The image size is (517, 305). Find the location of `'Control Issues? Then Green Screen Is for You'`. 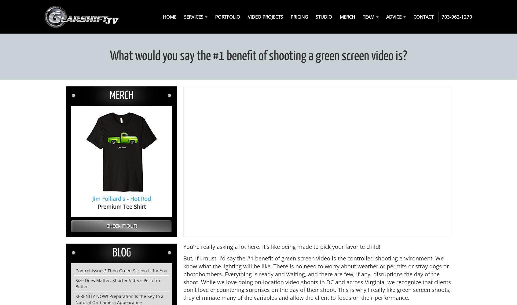

'Control Issues? Then Green Screen Is for You' is located at coordinates (121, 270).